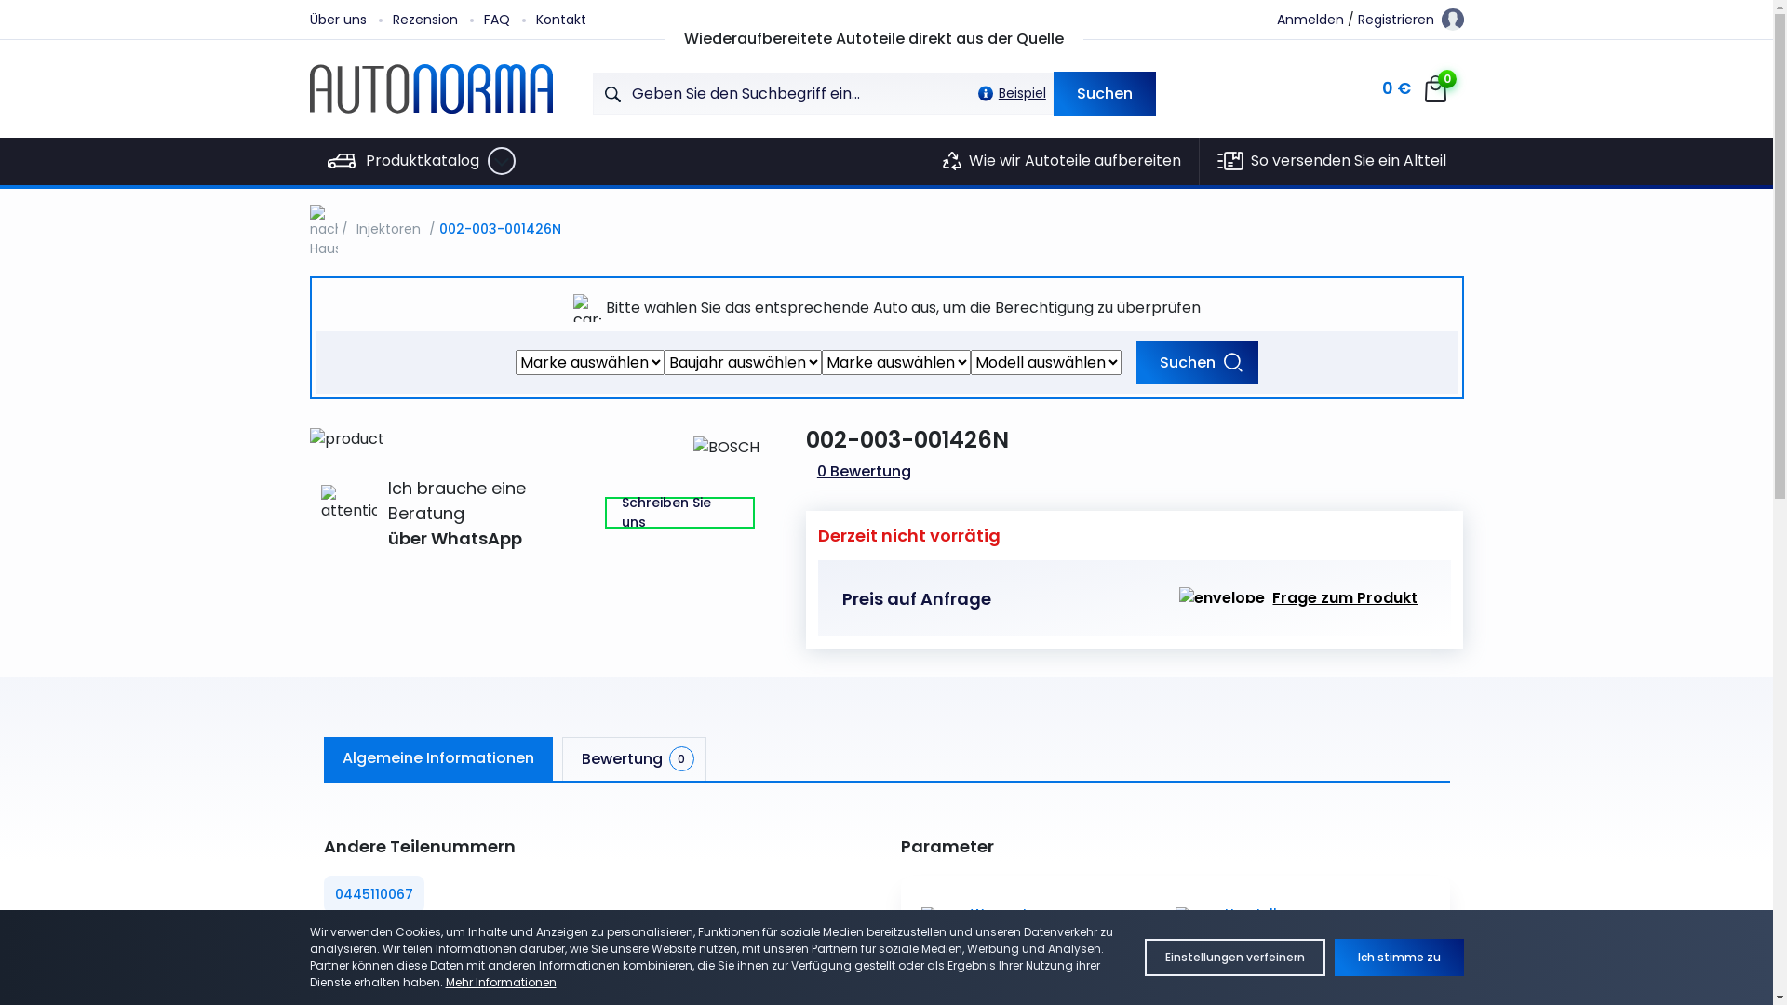  What do you see at coordinates (1062, 160) in the screenshot?
I see `'Wie wir Autoteile aufbereiten'` at bounding box center [1062, 160].